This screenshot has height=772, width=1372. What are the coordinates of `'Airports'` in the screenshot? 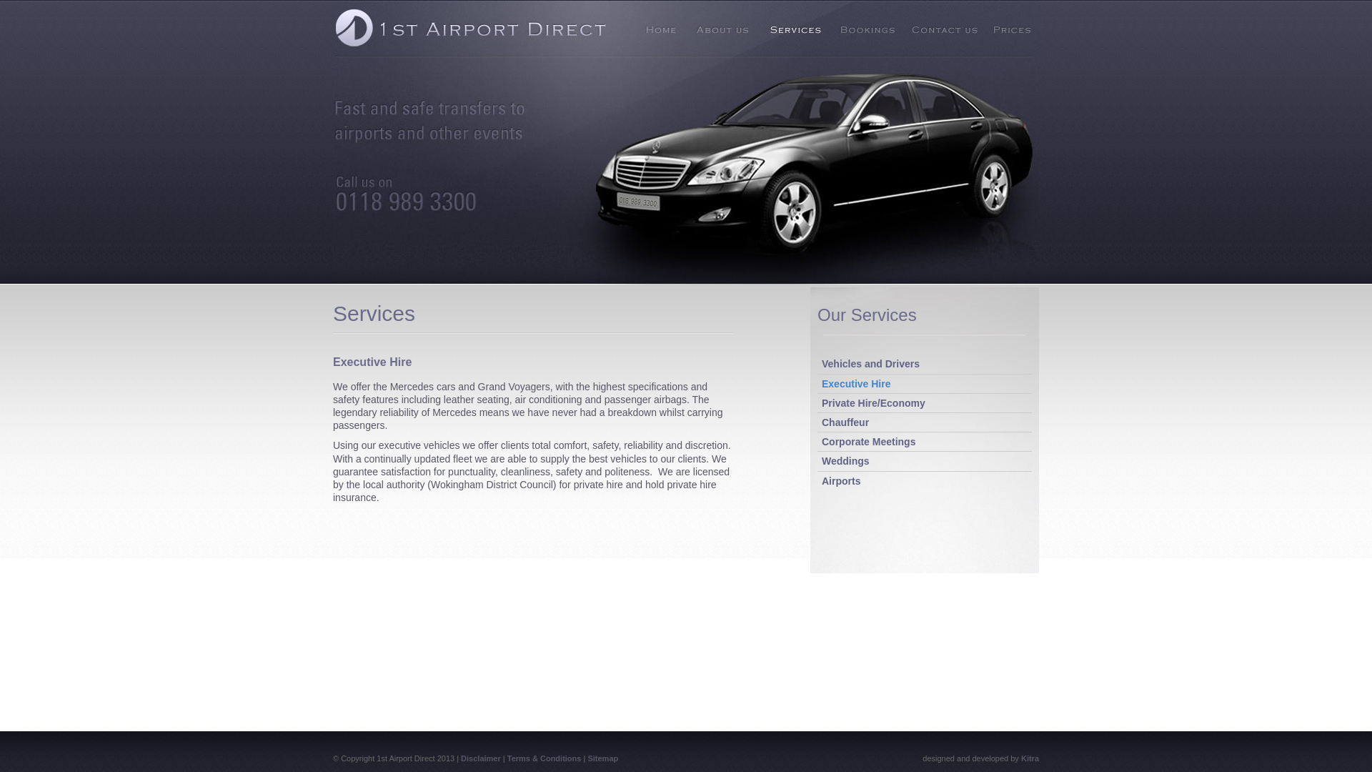 It's located at (840, 480).